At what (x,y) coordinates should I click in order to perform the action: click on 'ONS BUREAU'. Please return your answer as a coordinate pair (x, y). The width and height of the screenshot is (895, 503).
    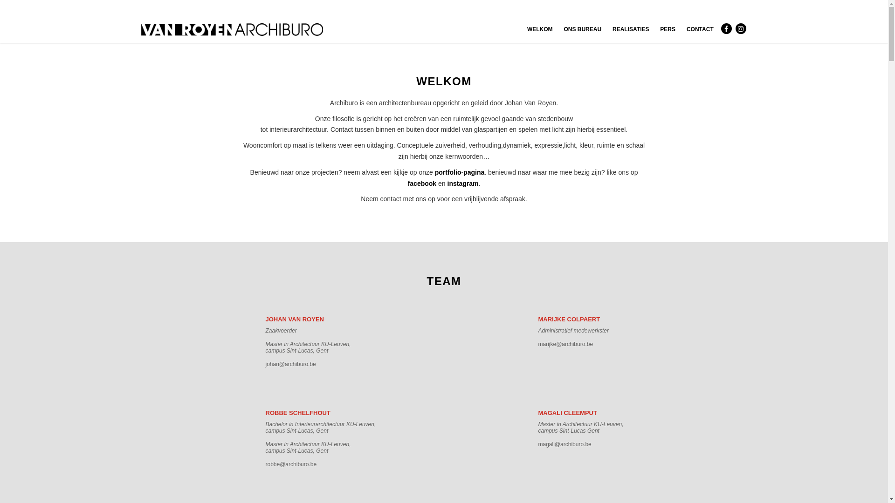
    Looking at the image, I should click on (582, 29).